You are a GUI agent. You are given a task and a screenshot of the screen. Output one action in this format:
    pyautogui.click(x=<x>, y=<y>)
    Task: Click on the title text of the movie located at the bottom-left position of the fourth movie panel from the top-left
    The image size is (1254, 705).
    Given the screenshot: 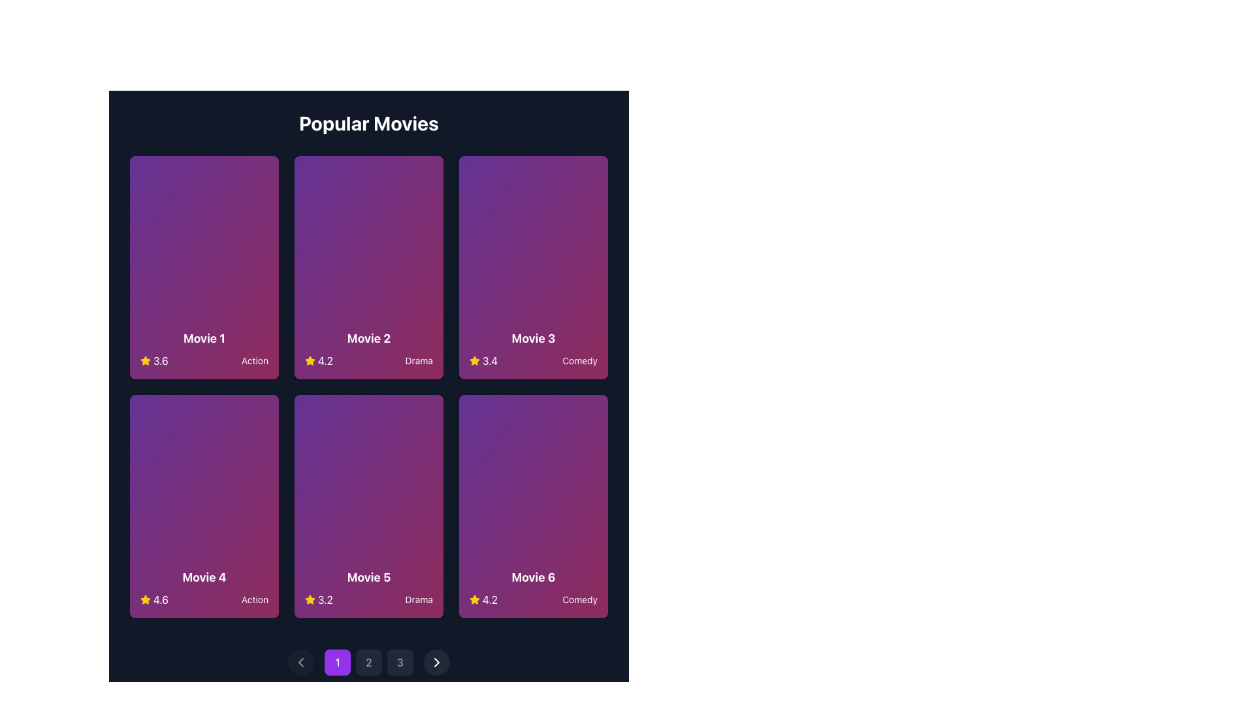 What is the action you would take?
    pyautogui.click(x=203, y=576)
    